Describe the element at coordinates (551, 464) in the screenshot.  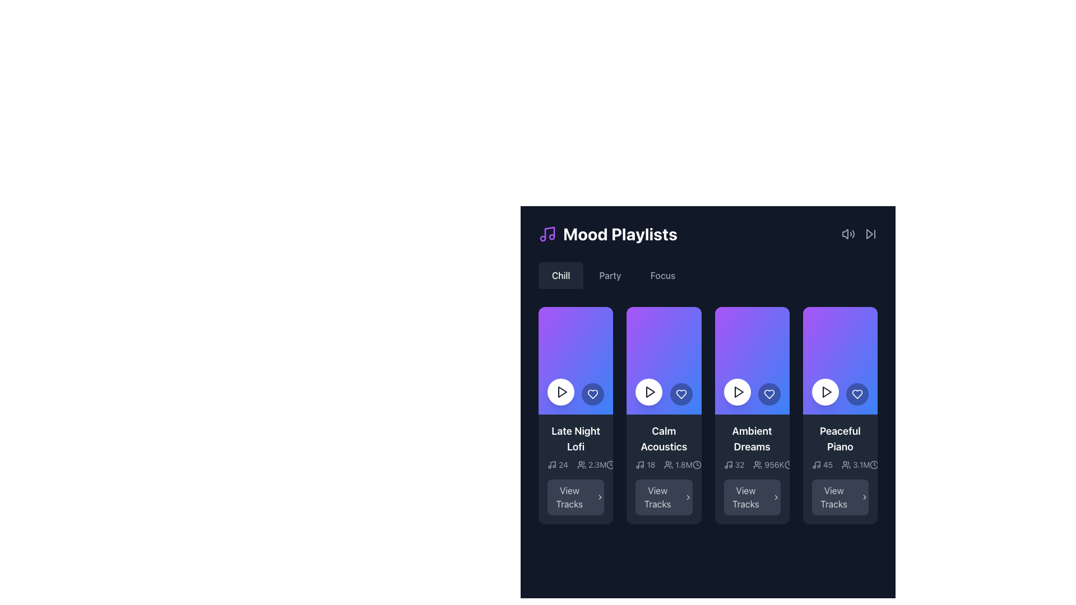
I see `the music icon located at the bottom-left corner of the first card in the grid layout, which indicates the numerical value '24' related to music` at that location.